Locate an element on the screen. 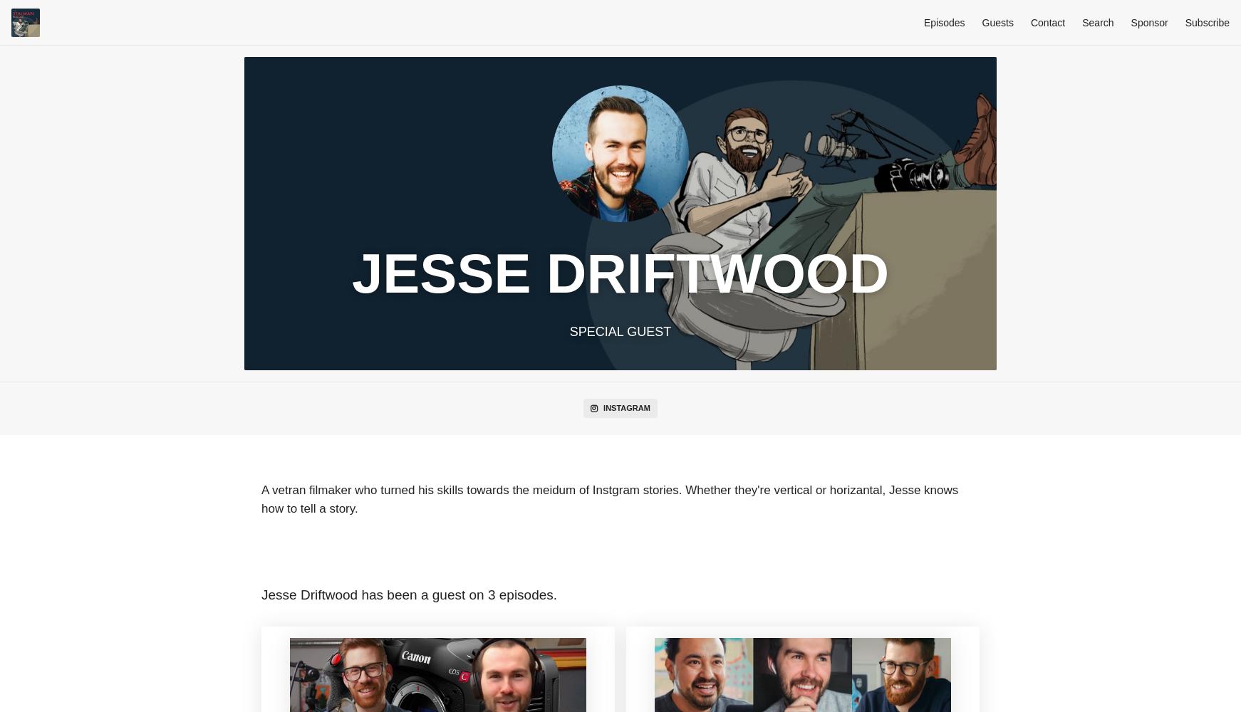 This screenshot has width=1241, height=712. 'Jesse Driftwood has been a guest on 3 episodes.' is located at coordinates (409, 594).